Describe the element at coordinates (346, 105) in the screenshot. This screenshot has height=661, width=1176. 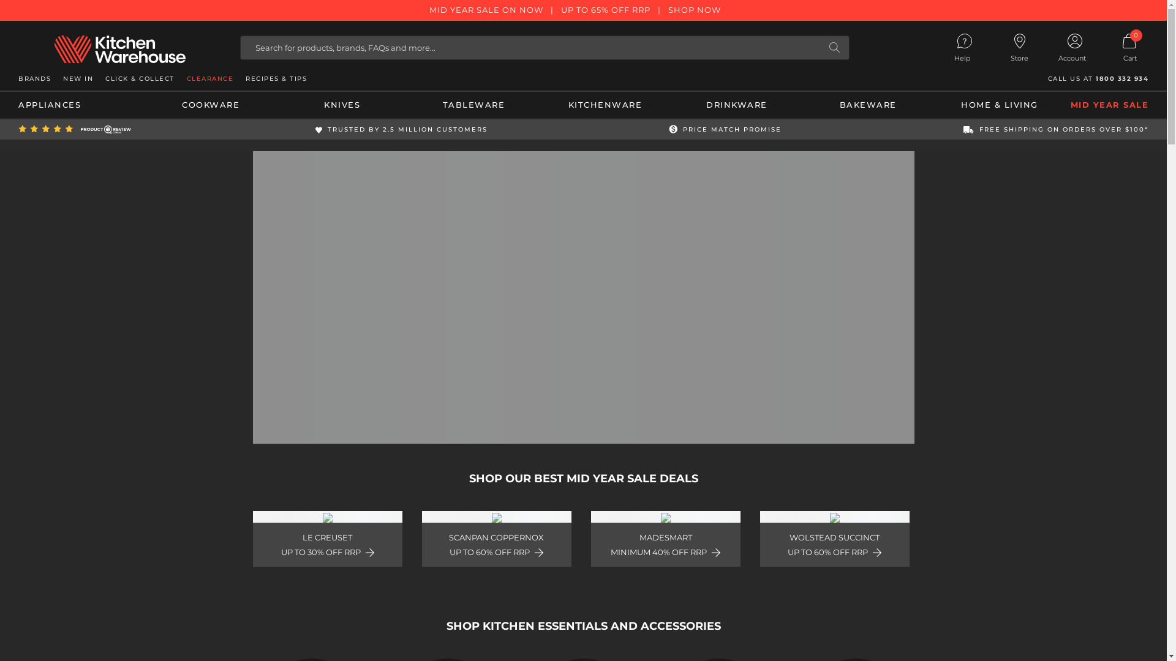
I see `'KNIVES'` at that location.